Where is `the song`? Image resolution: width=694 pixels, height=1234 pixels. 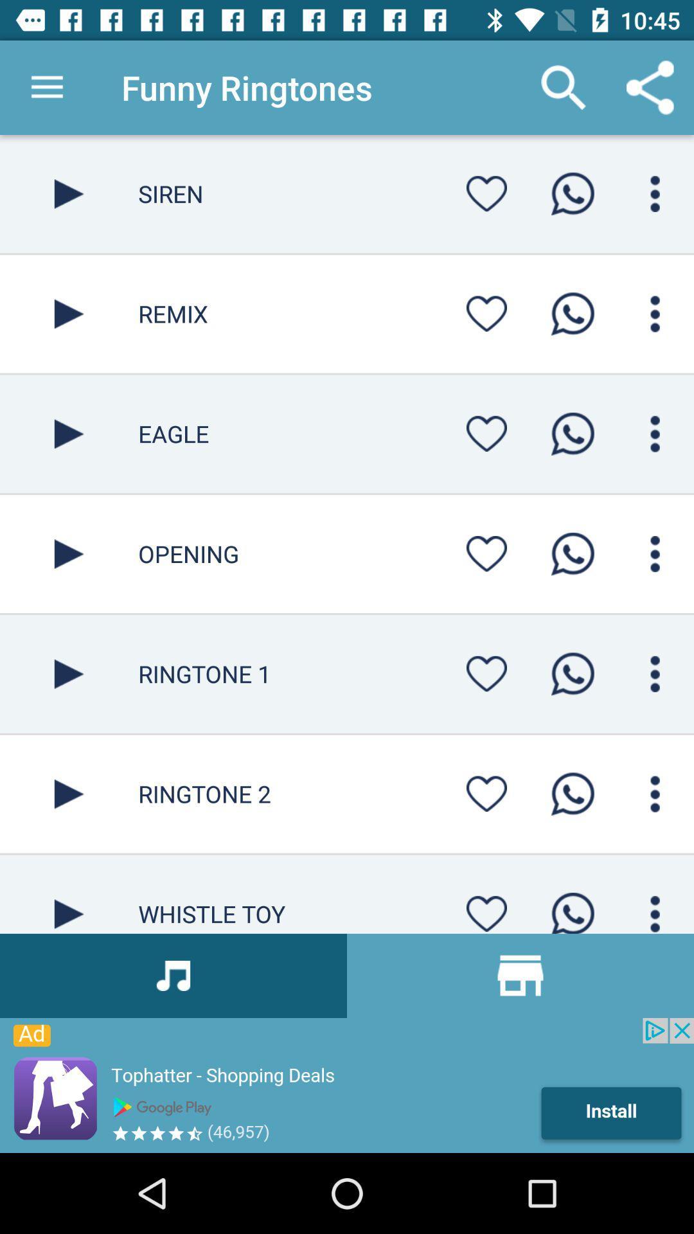
the song is located at coordinates (69, 673).